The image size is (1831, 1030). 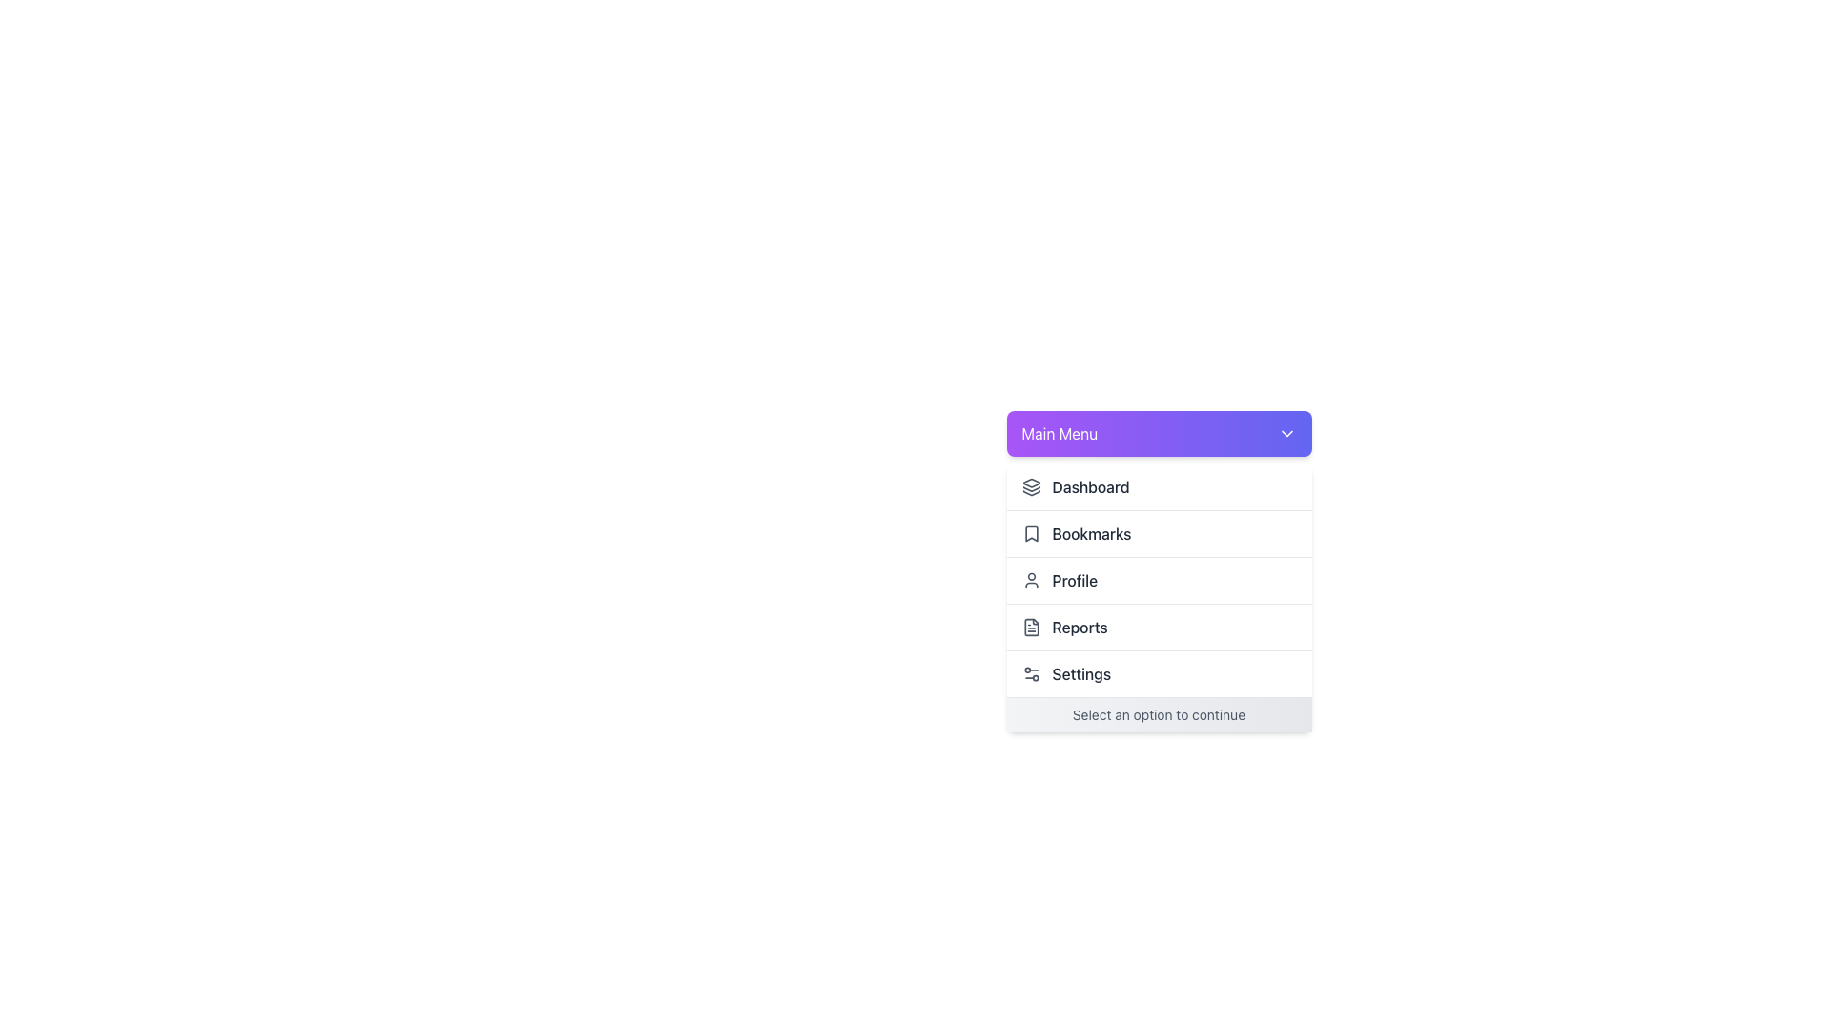 I want to click on the 'Bookmarks' text label in the navigation menu, which is styled in medium-sized gray font and positioned under the 'Dashboard' item, so click(x=1092, y=533).